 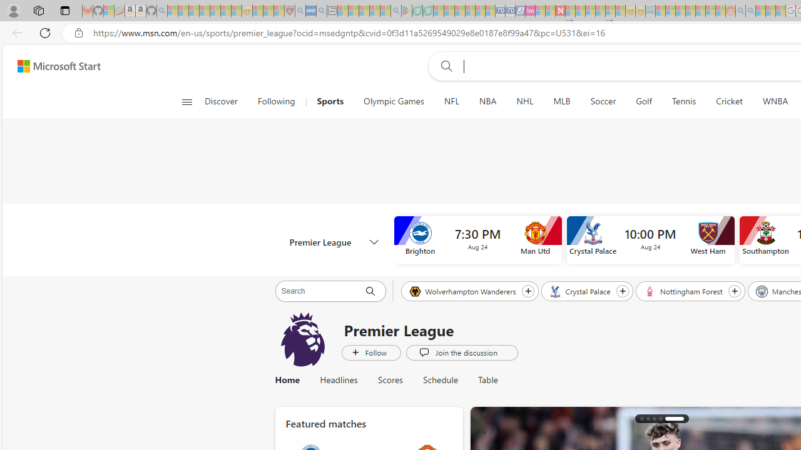 What do you see at coordinates (525, 101) in the screenshot?
I see `'NHL'` at bounding box center [525, 101].